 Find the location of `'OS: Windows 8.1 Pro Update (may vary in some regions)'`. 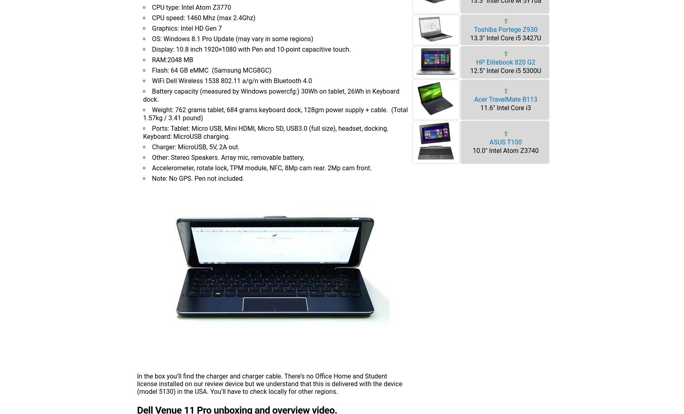

'OS: Windows 8.1 Pro Update (may vary in some regions)' is located at coordinates (232, 38).